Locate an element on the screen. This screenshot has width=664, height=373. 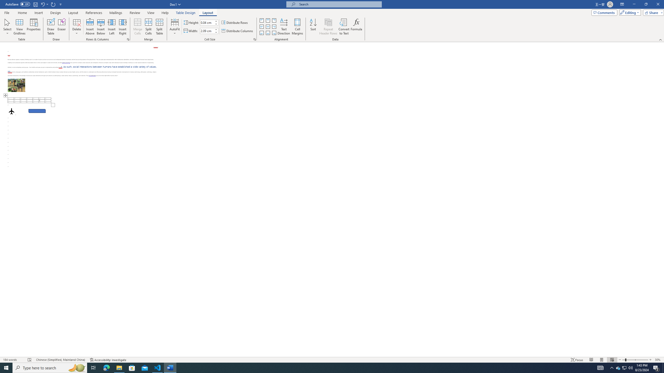
'Insert Left' is located at coordinates (112, 27).